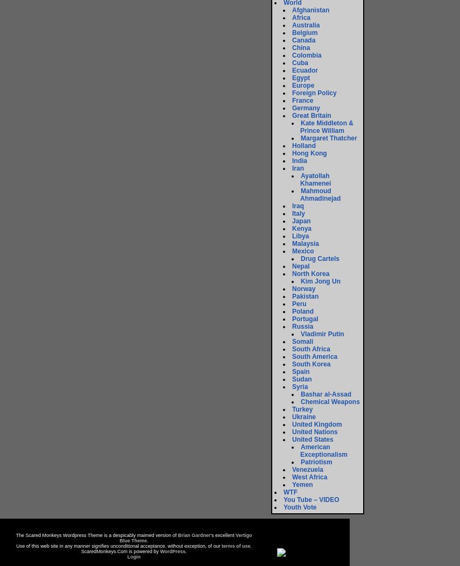 The width and height of the screenshot is (460, 566). What do you see at coordinates (305, 25) in the screenshot?
I see `'Australia'` at bounding box center [305, 25].